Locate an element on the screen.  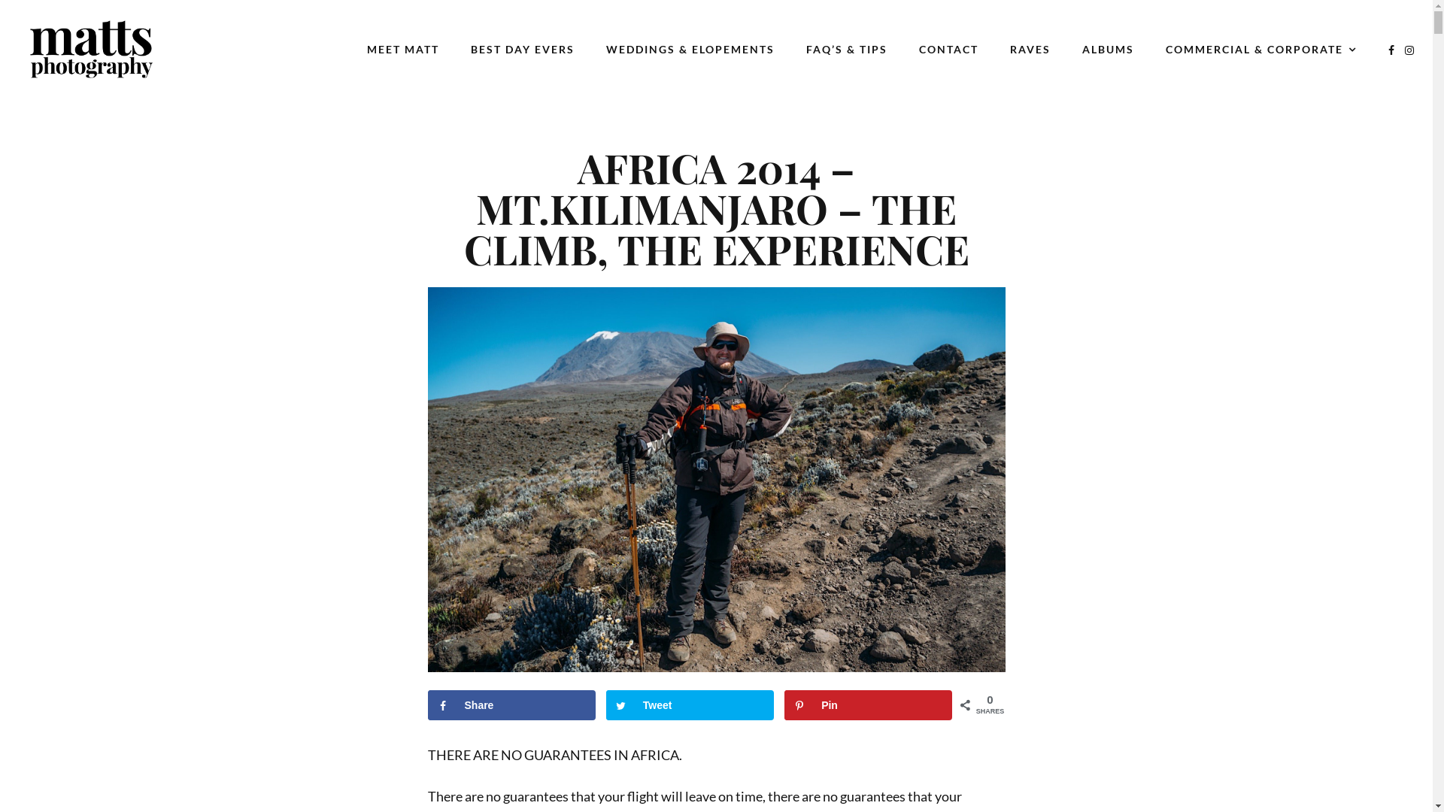
'RAVES' is located at coordinates (1029, 48).